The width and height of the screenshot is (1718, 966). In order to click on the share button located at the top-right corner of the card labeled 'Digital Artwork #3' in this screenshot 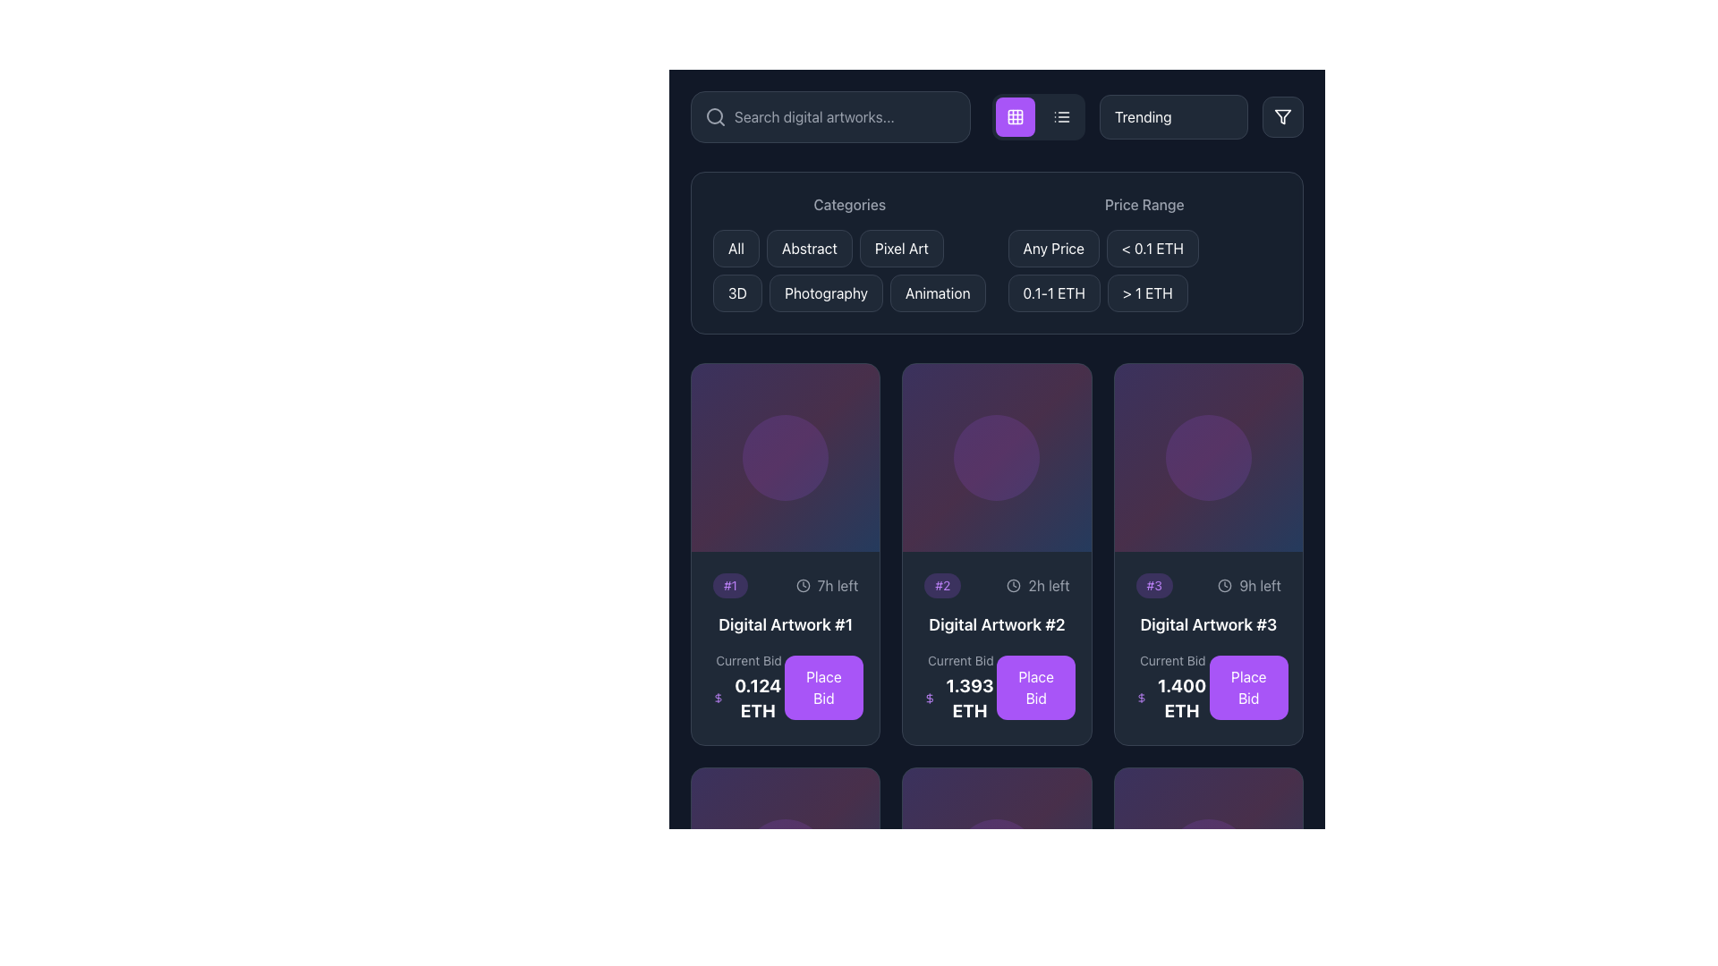, I will do `click(1271, 468)`.